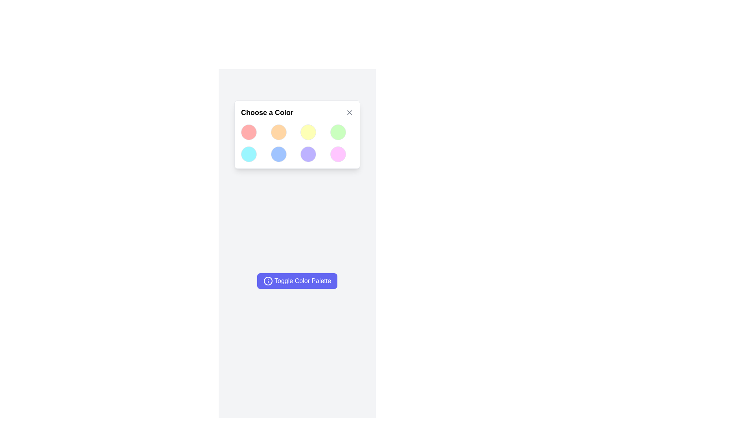 The width and height of the screenshot is (755, 424). What do you see at coordinates (308, 132) in the screenshot?
I see `the selectable color option button, which is the third item in the first row of a grid layout of circles` at bounding box center [308, 132].